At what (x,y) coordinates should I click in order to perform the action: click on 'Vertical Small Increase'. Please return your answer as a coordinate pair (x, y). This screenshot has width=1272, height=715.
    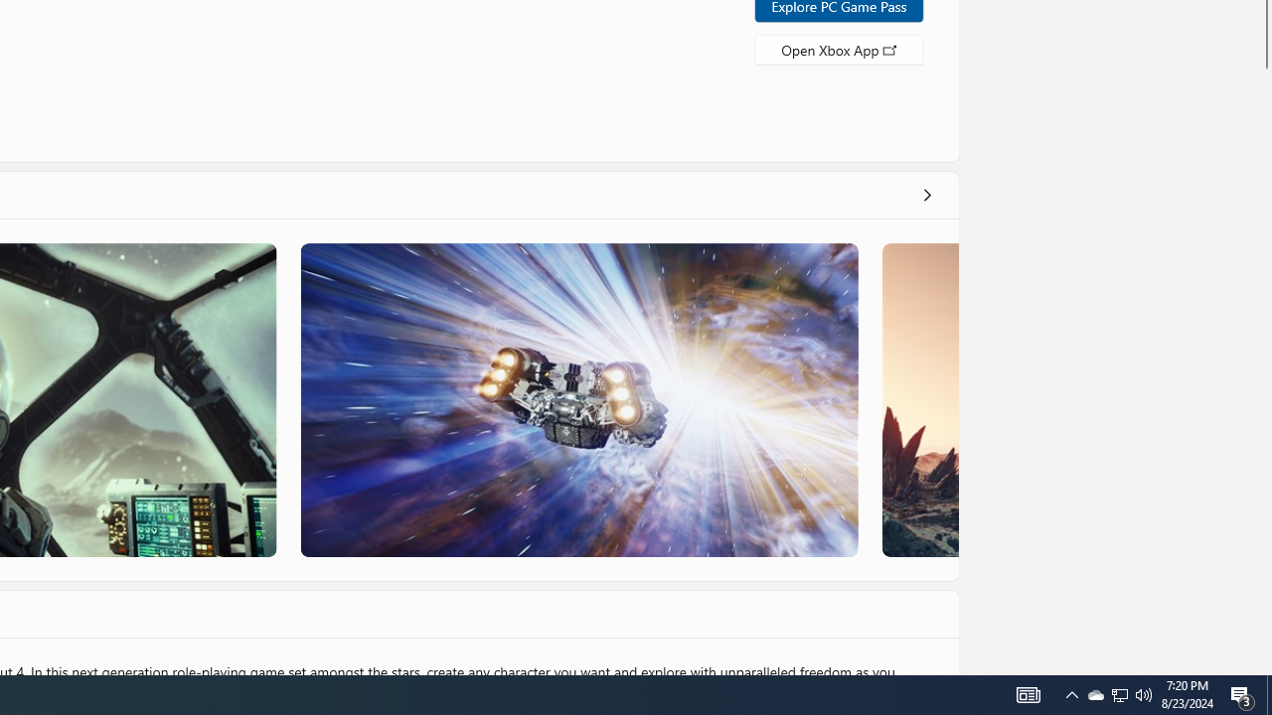
    Looking at the image, I should click on (1263, 667).